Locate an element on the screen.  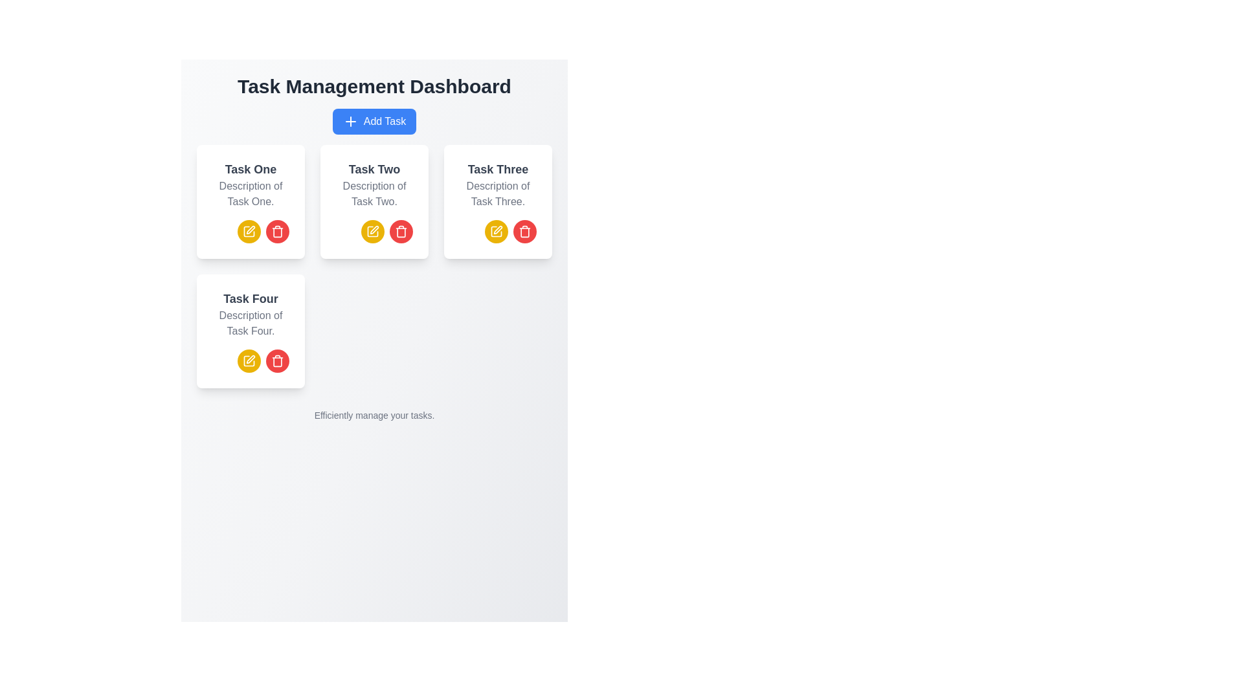
the yellow edit button located at the bottom of the 'Task Two' card to initiate editing is located at coordinates (372, 231).